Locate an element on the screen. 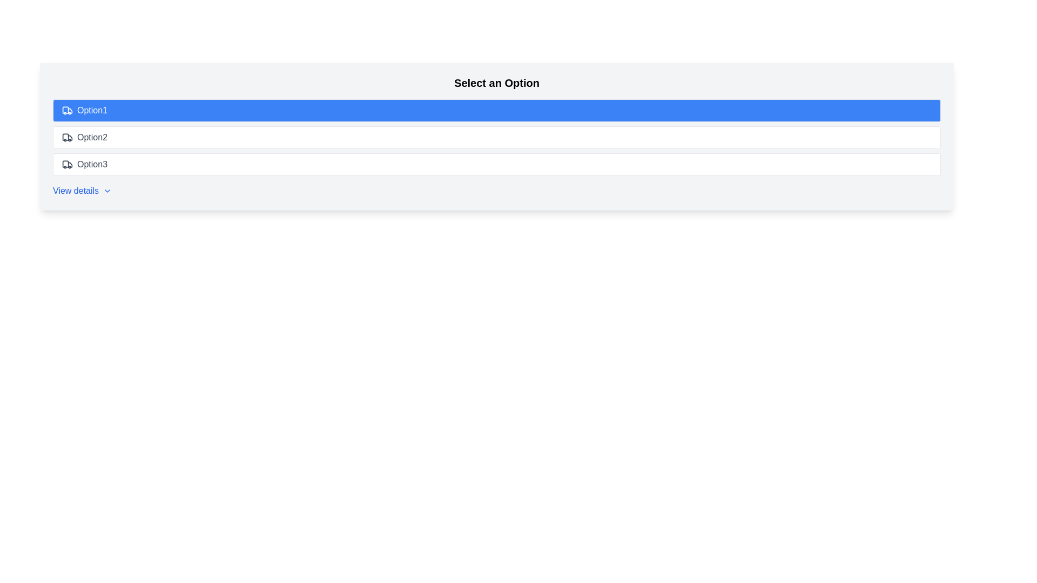 This screenshot has width=1037, height=583. the text label within the radio button component is located at coordinates (92, 110).